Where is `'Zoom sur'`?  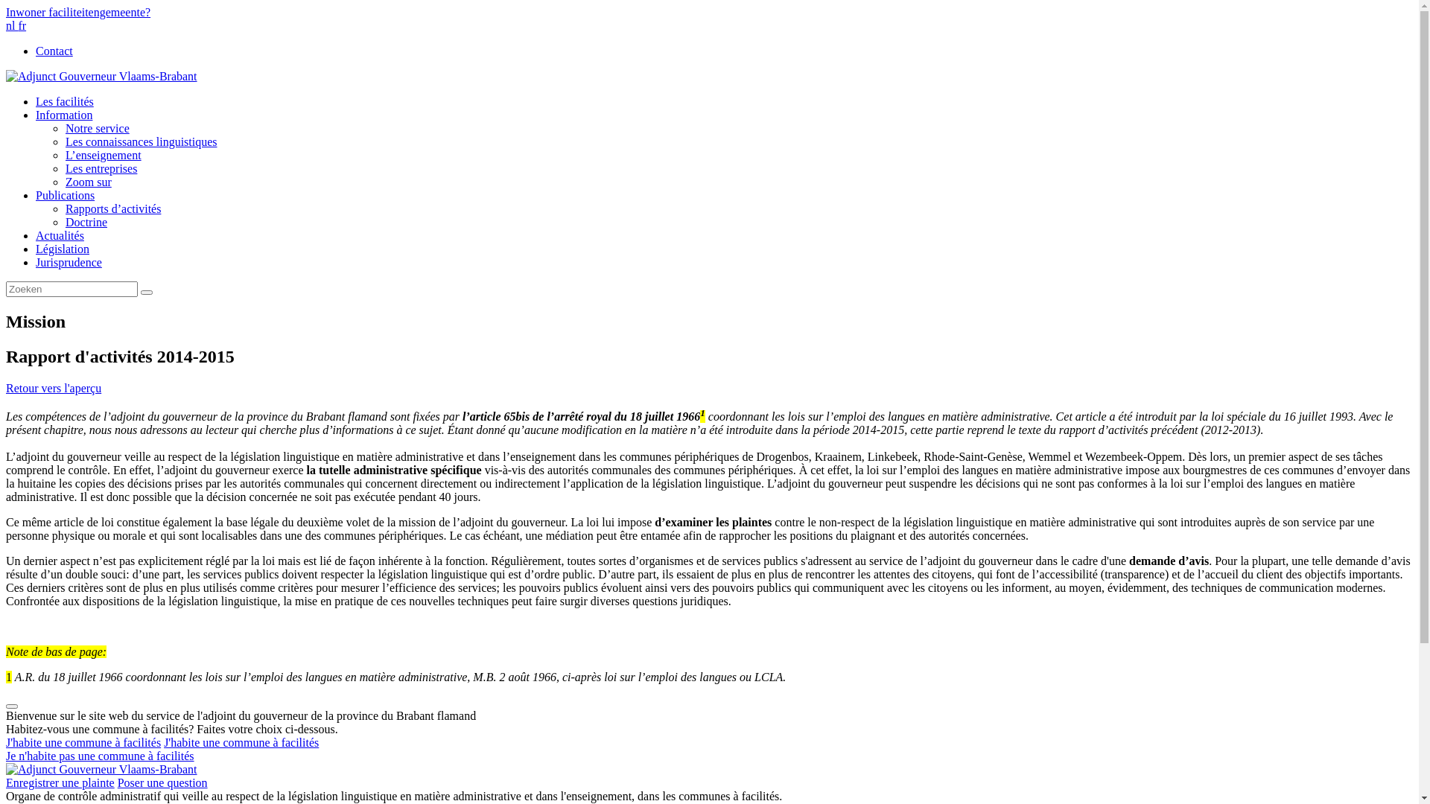
'Zoom sur' is located at coordinates (88, 181).